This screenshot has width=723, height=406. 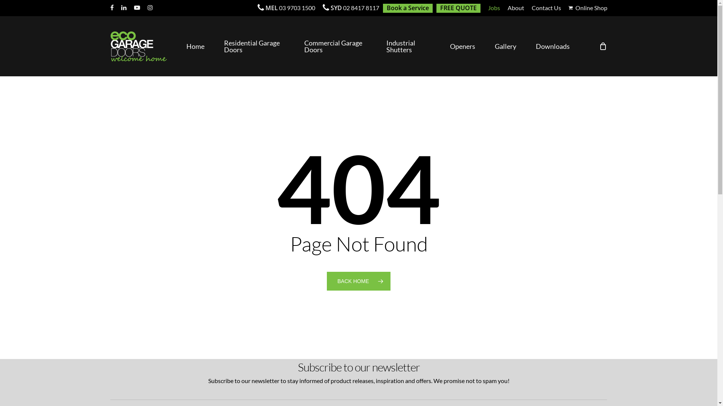 What do you see at coordinates (488, 8) in the screenshot?
I see `'Jobs'` at bounding box center [488, 8].